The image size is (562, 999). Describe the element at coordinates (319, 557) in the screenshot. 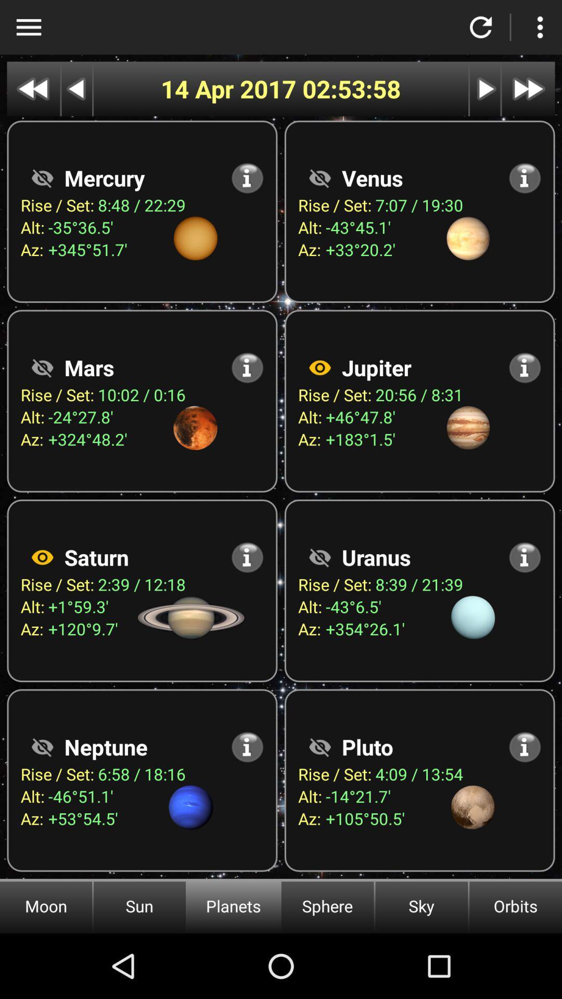

I see `the visibility icon` at that location.